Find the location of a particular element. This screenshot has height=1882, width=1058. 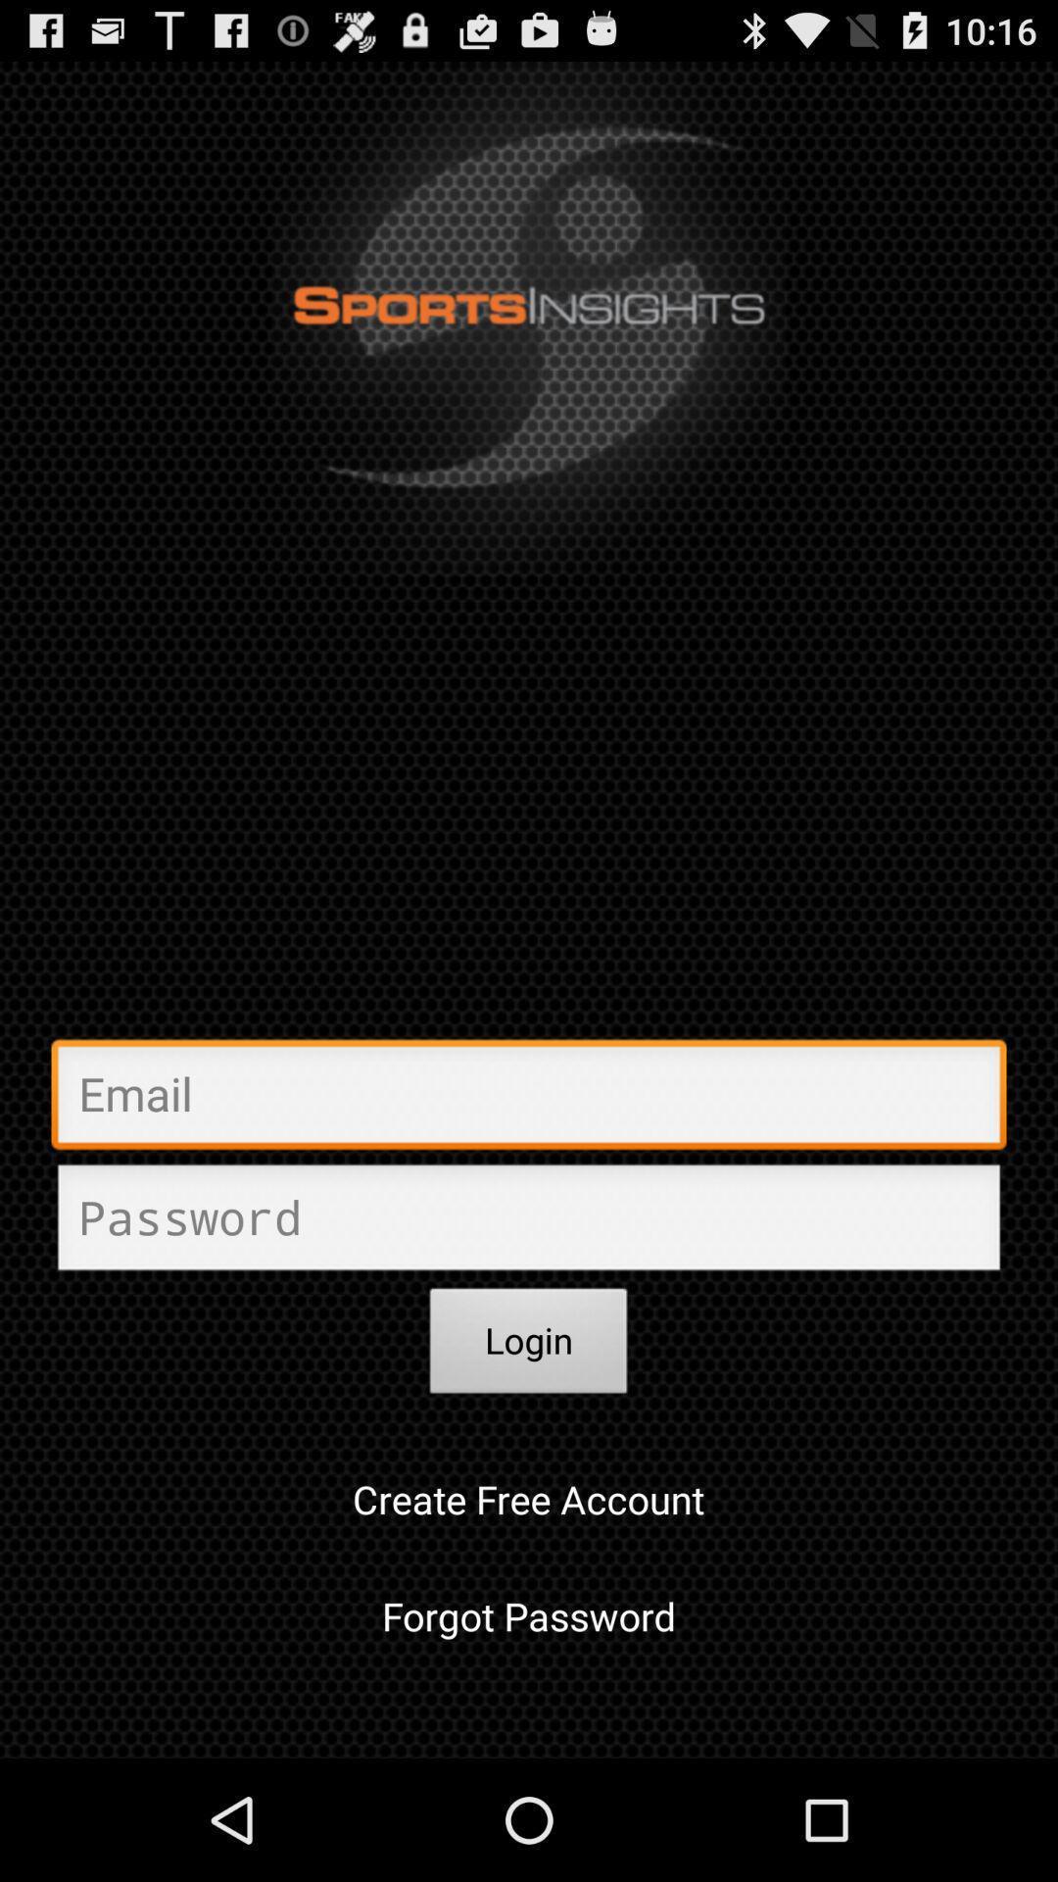

email is located at coordinates (529, 1100).